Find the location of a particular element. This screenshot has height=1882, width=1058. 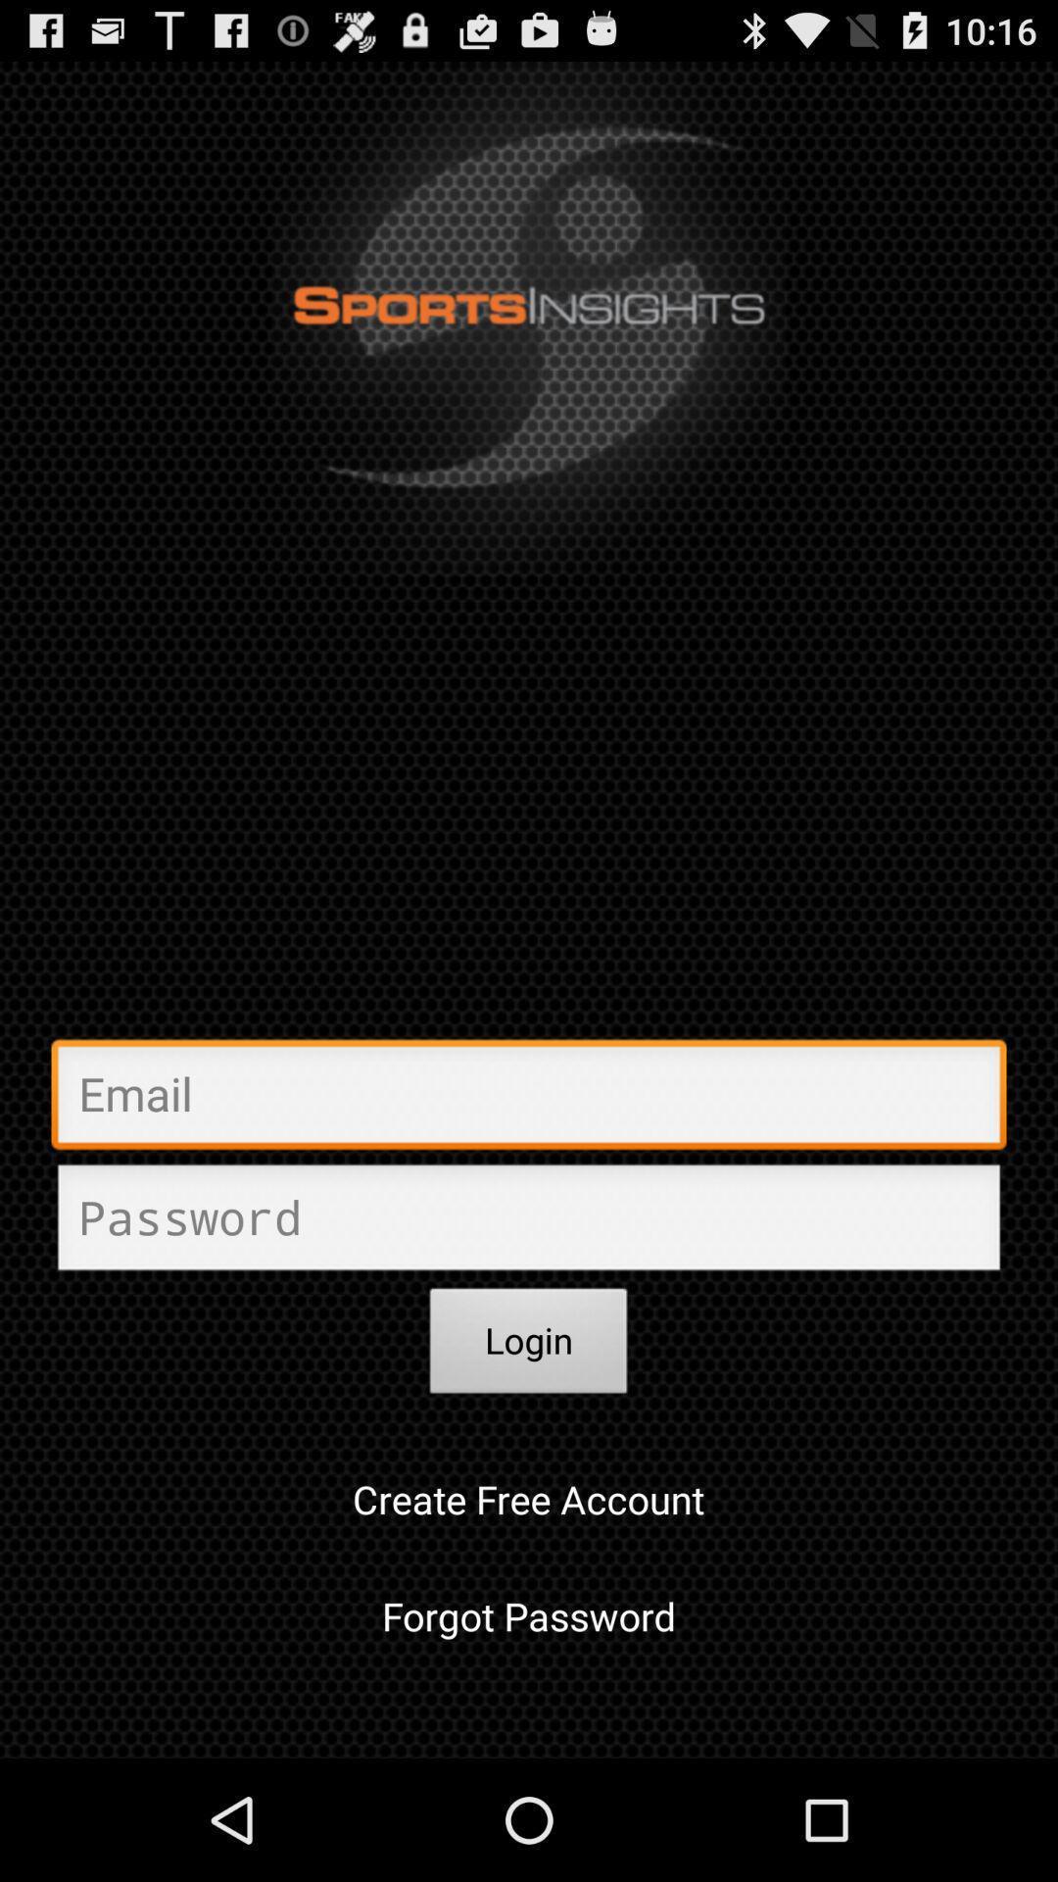

email is located at coordinates (529, 1100).